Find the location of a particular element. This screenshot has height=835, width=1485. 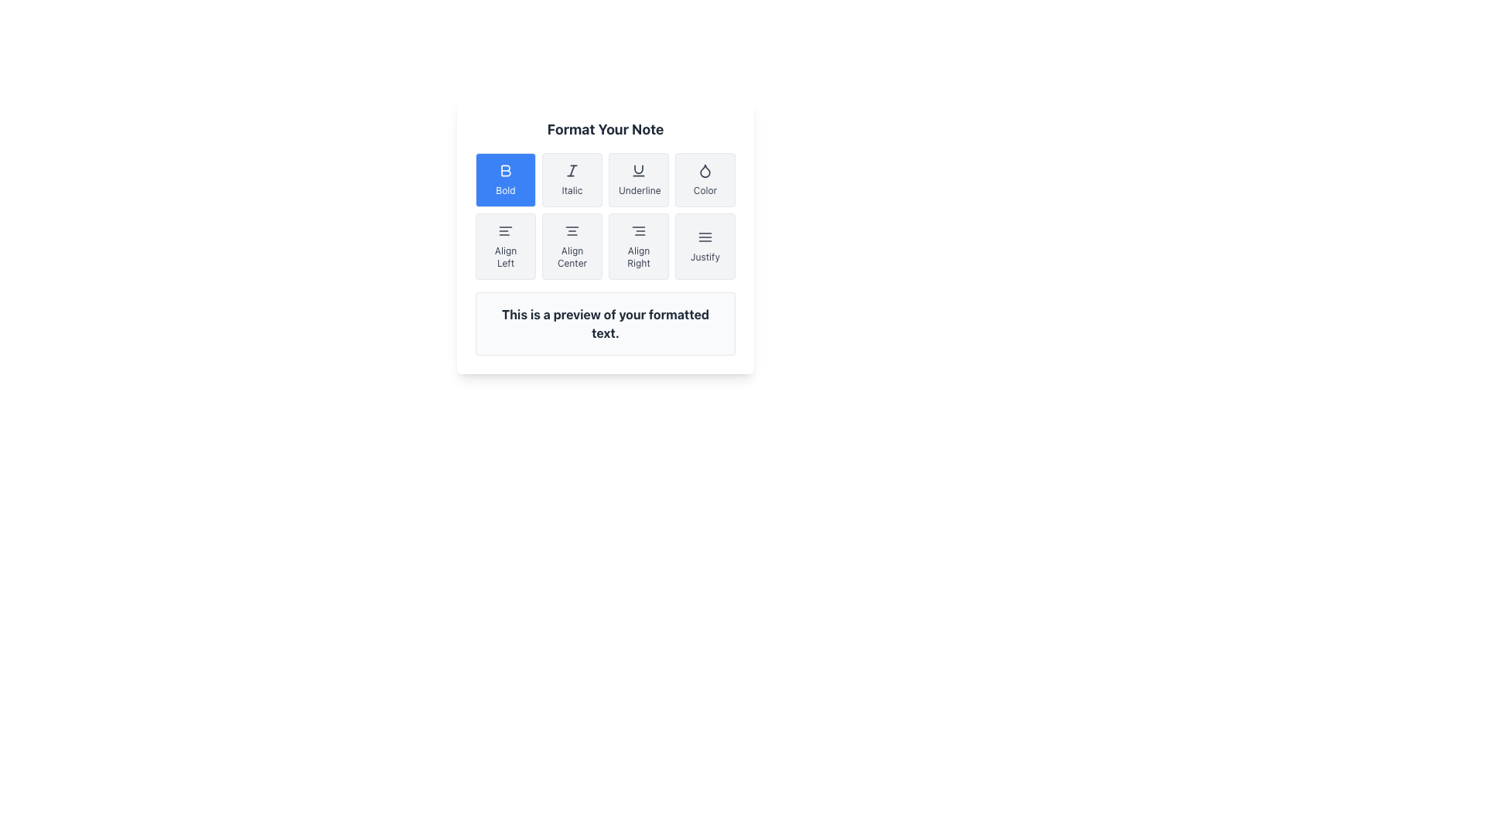

the underline icon, which is a U-shaped stroke topped by a horizontal line is located at coordinates (638, 170).